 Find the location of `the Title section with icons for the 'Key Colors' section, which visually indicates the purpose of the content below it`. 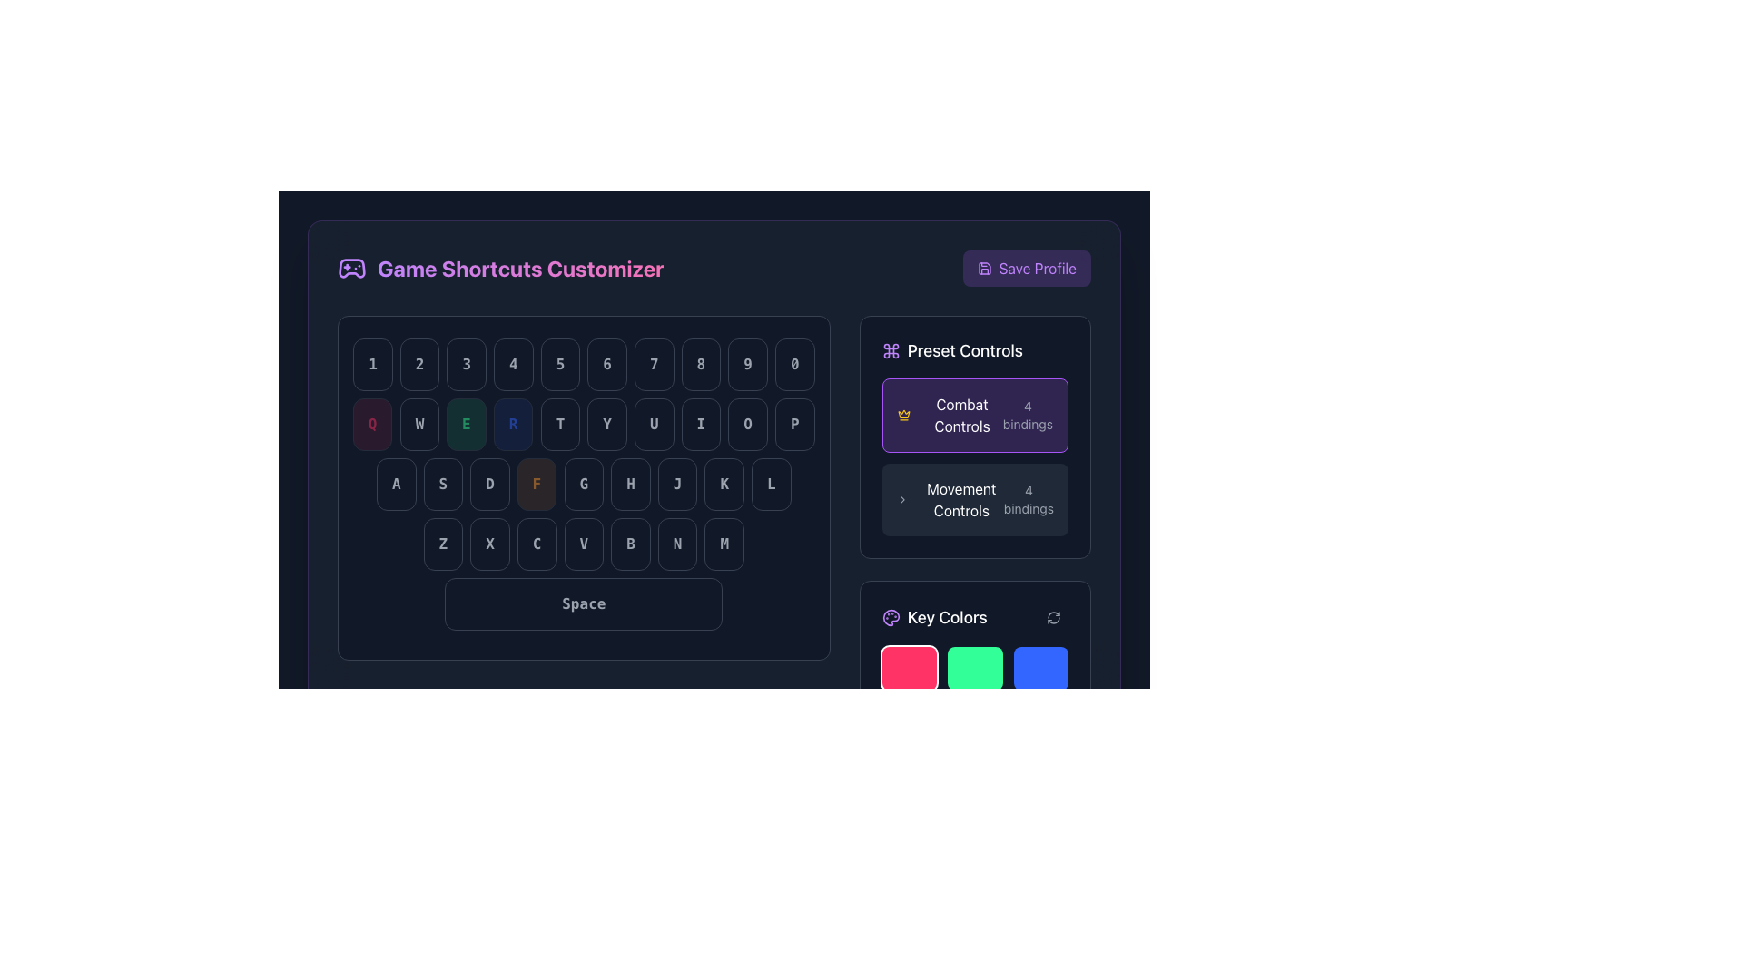

the Title section with icons for the 'Key Colors' section, which visually indicates the purpose of the content below it is located at coordinates (974, 617).